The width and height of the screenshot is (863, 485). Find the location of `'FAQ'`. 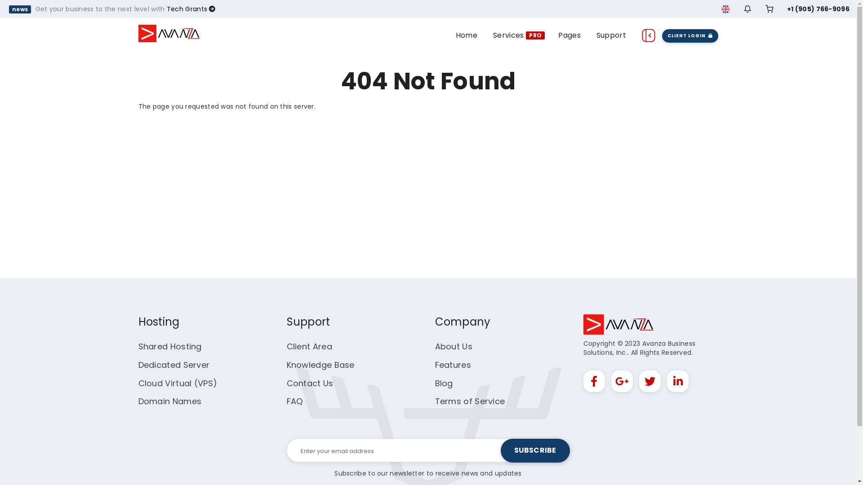

'FAQ' is located at coordinates (295, 401).